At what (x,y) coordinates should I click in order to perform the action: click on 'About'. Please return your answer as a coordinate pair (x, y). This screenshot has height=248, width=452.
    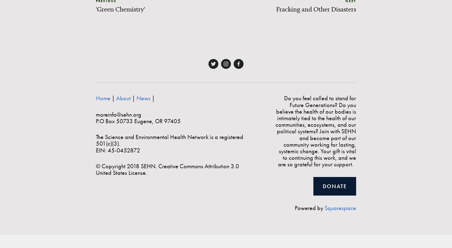
    Looking at the image, I should click on (123, 98).